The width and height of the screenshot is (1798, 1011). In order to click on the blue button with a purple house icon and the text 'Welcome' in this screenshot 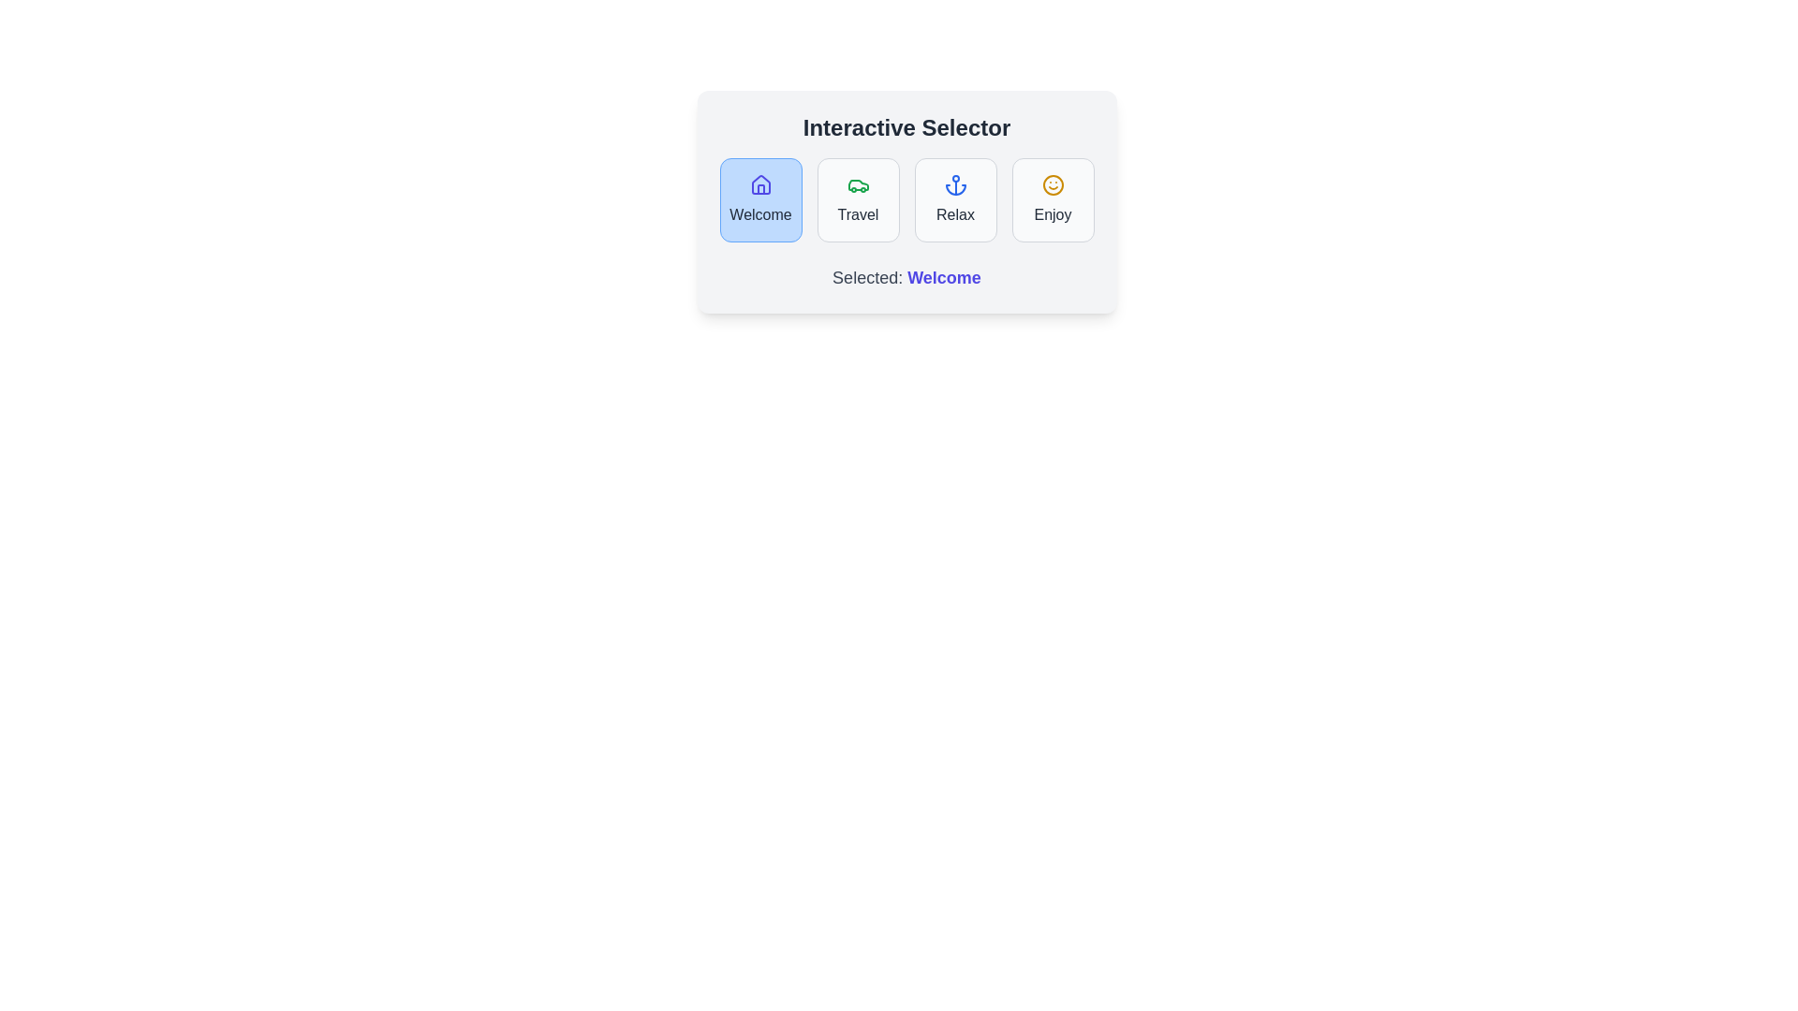, I will do `click(760, 199)`.